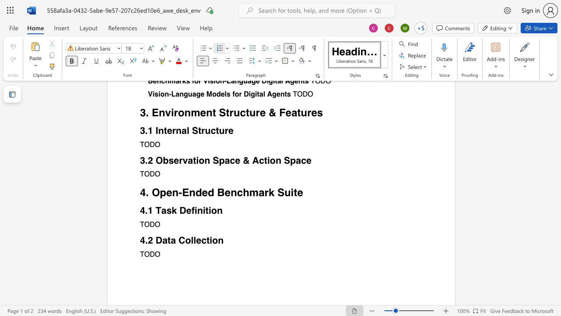  Describe the element at coordinates (280, 192) in the screenshot. I see `the 1th character "S" in the text` at that location.